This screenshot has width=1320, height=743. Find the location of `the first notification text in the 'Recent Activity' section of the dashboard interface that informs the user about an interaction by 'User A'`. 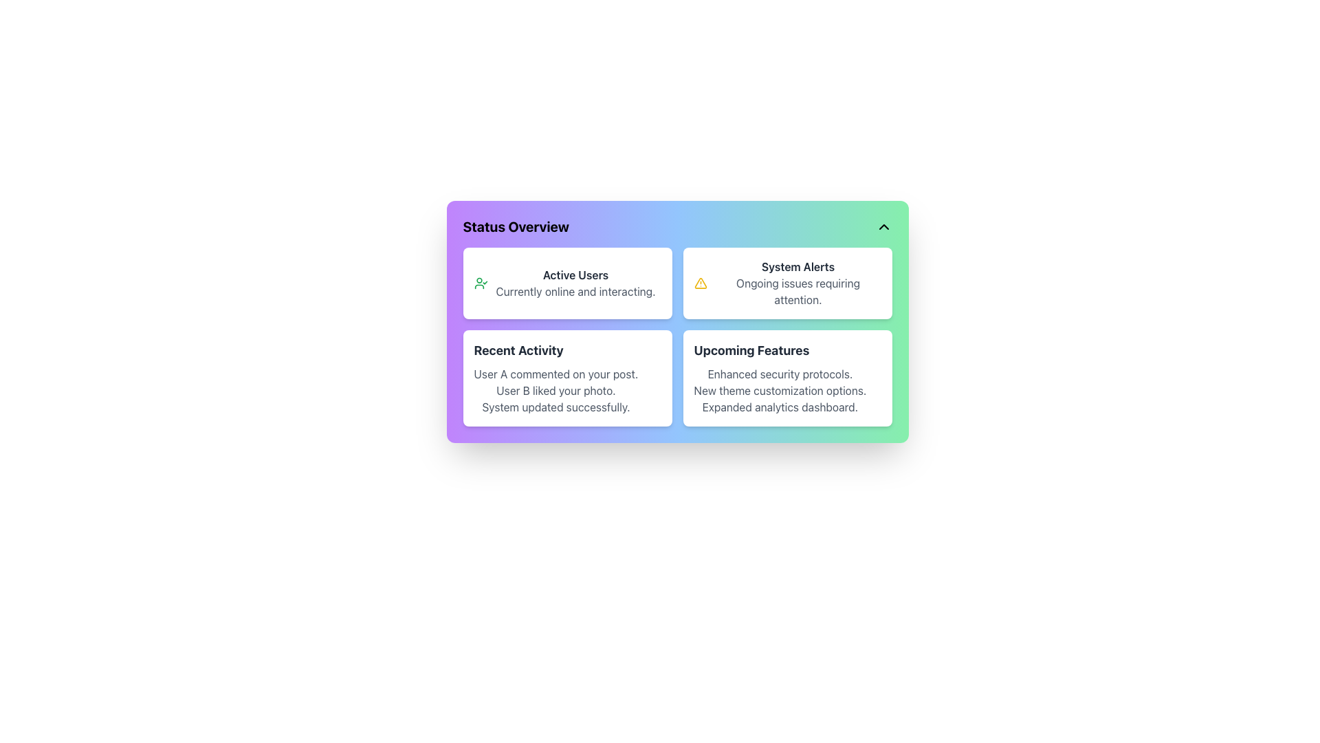

the first notification text in the 'Recent Activity' section of the dashboard interface that informs the user about an interaction by 'User A' is located at coordinates (555, 374).